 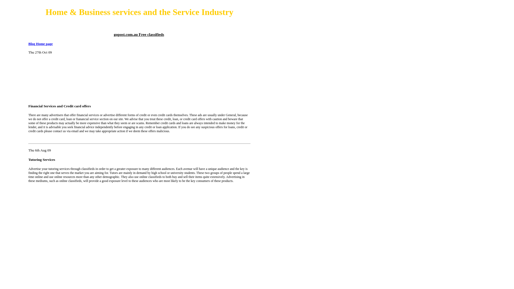 I want to click on 'gopost.com.au Free classifieds', so click(x=139, y=34).